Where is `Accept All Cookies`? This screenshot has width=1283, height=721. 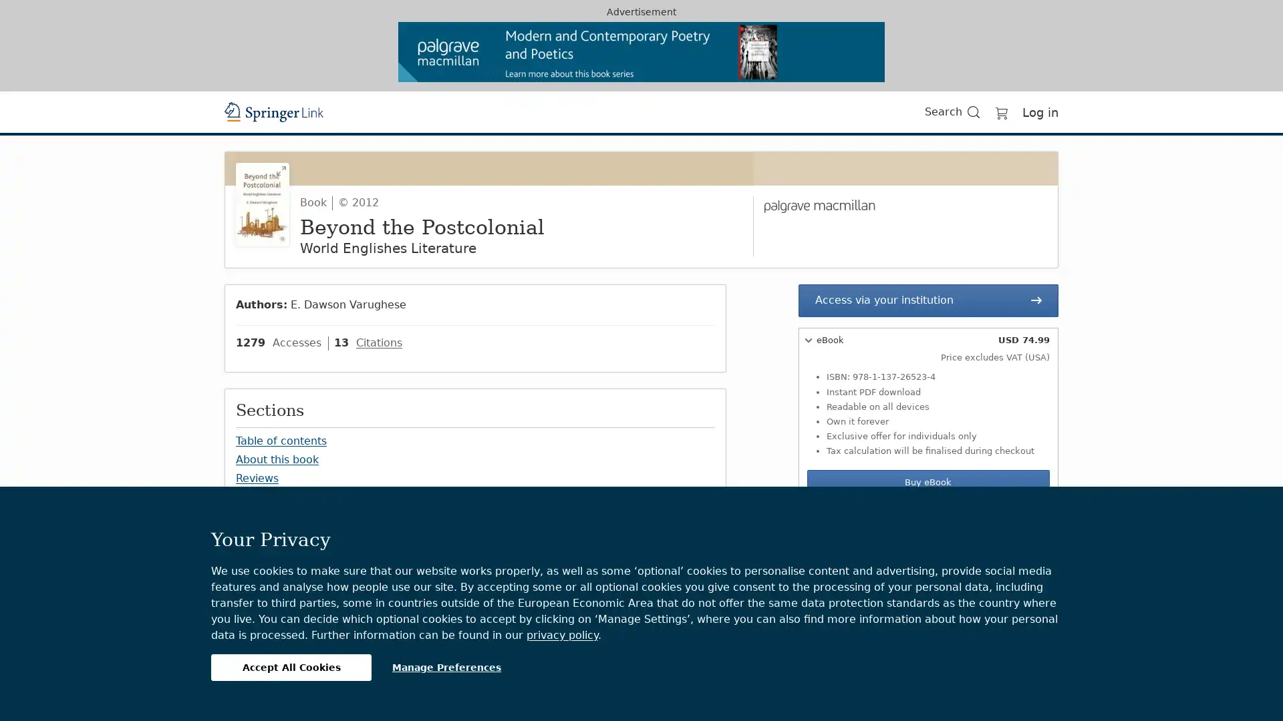
Accept All Cookies is located at coordinates (291, 667).